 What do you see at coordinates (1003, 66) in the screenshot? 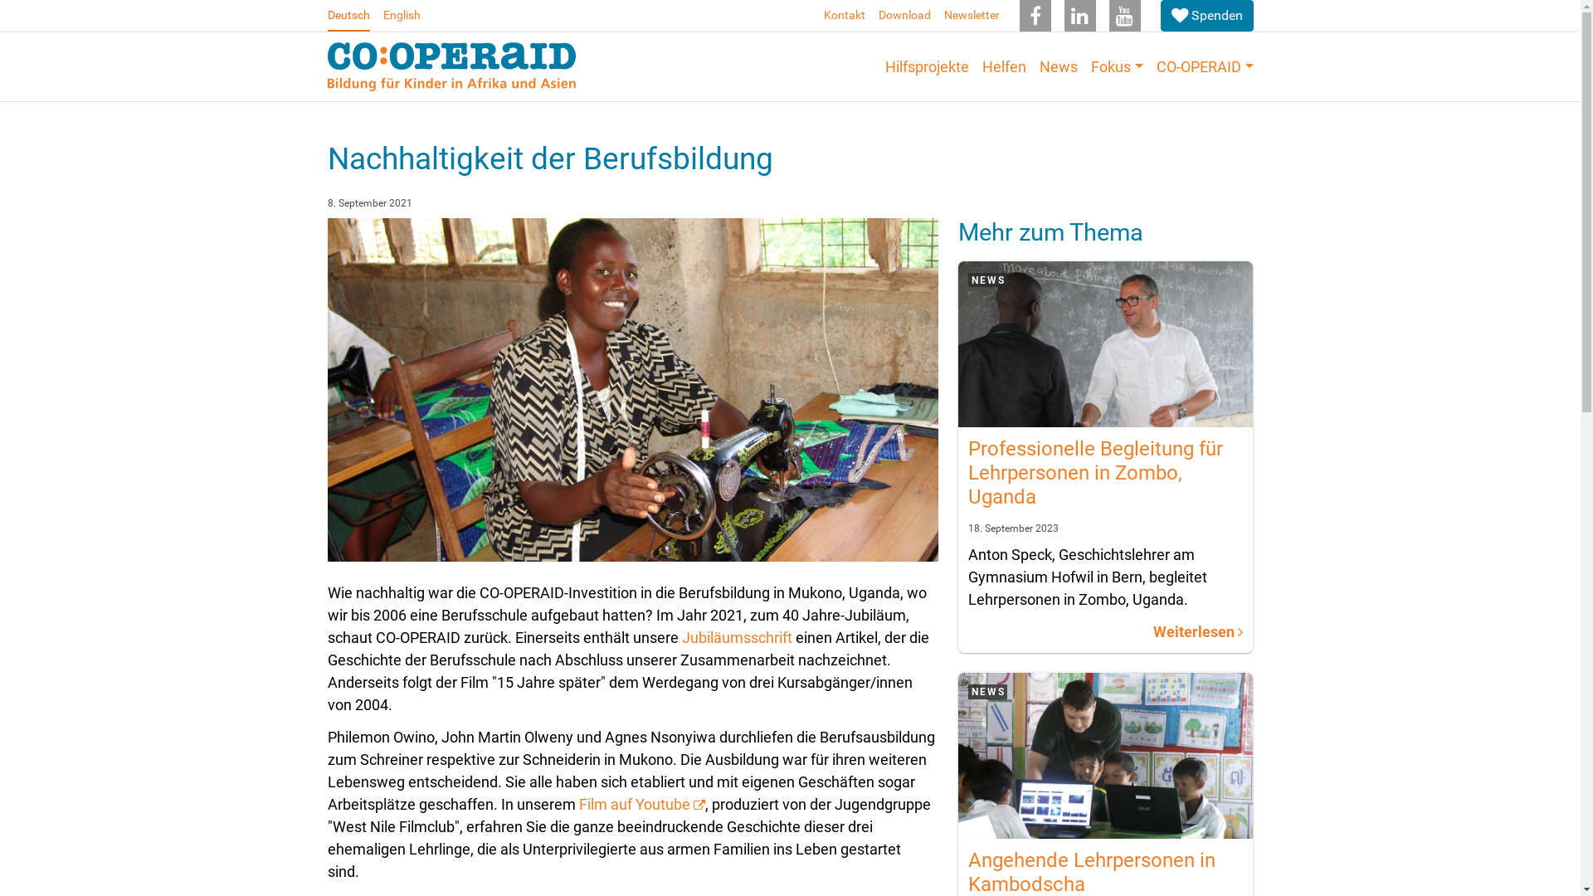
I see `'Helfen'` at bounding box center [1003, 66].